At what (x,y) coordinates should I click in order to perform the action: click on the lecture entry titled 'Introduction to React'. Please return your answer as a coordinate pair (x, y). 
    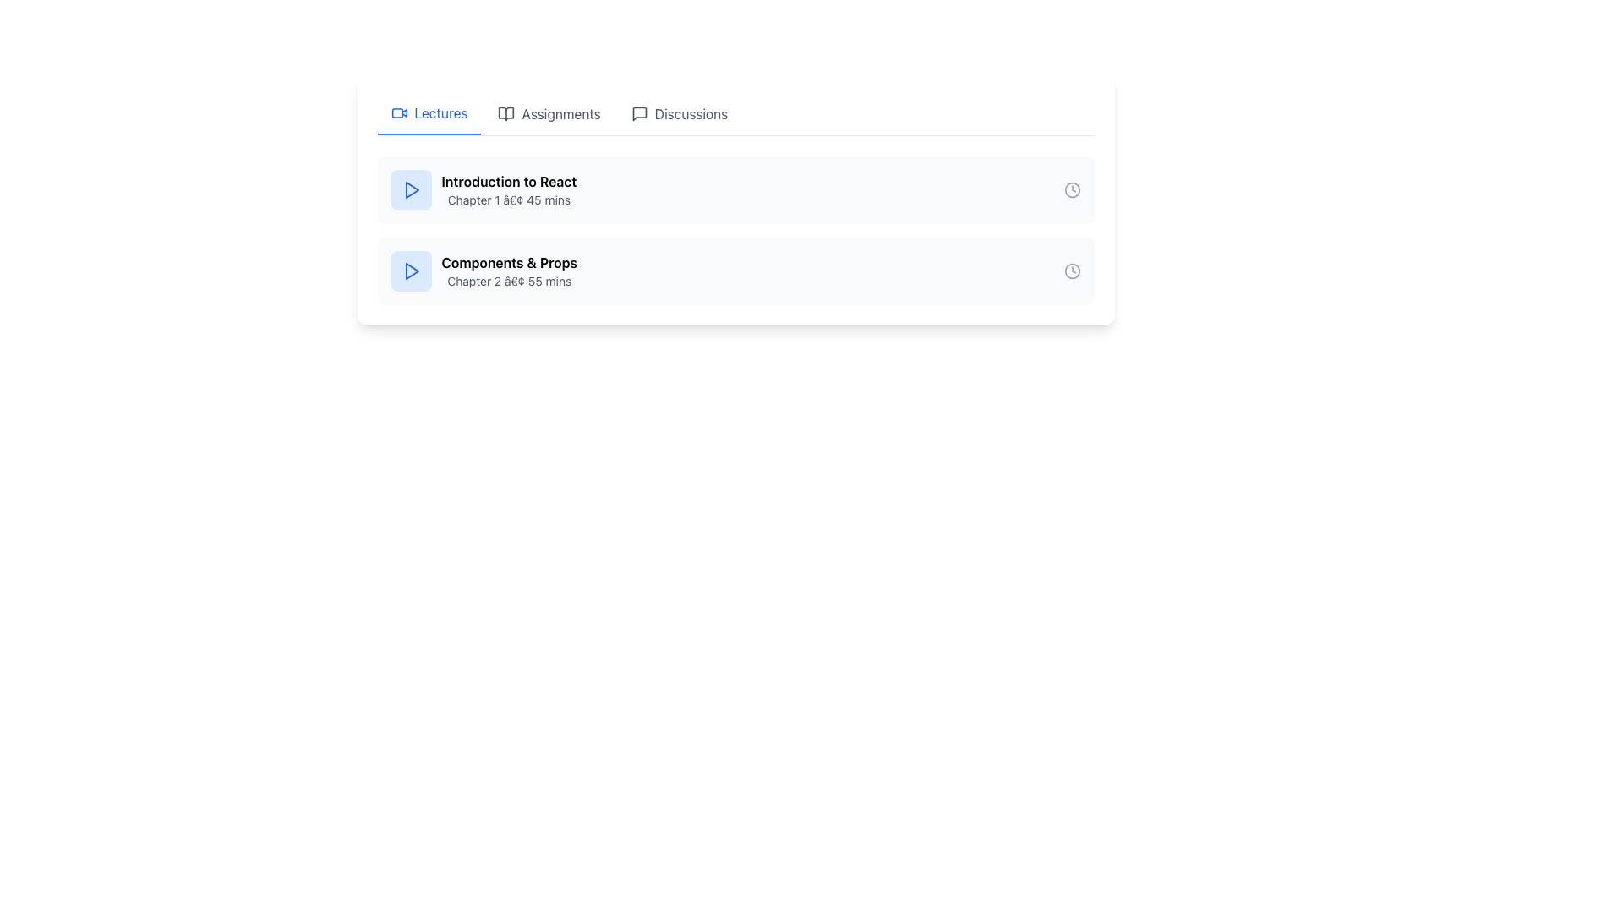
    Looking at the image, I should click on (735, 198).